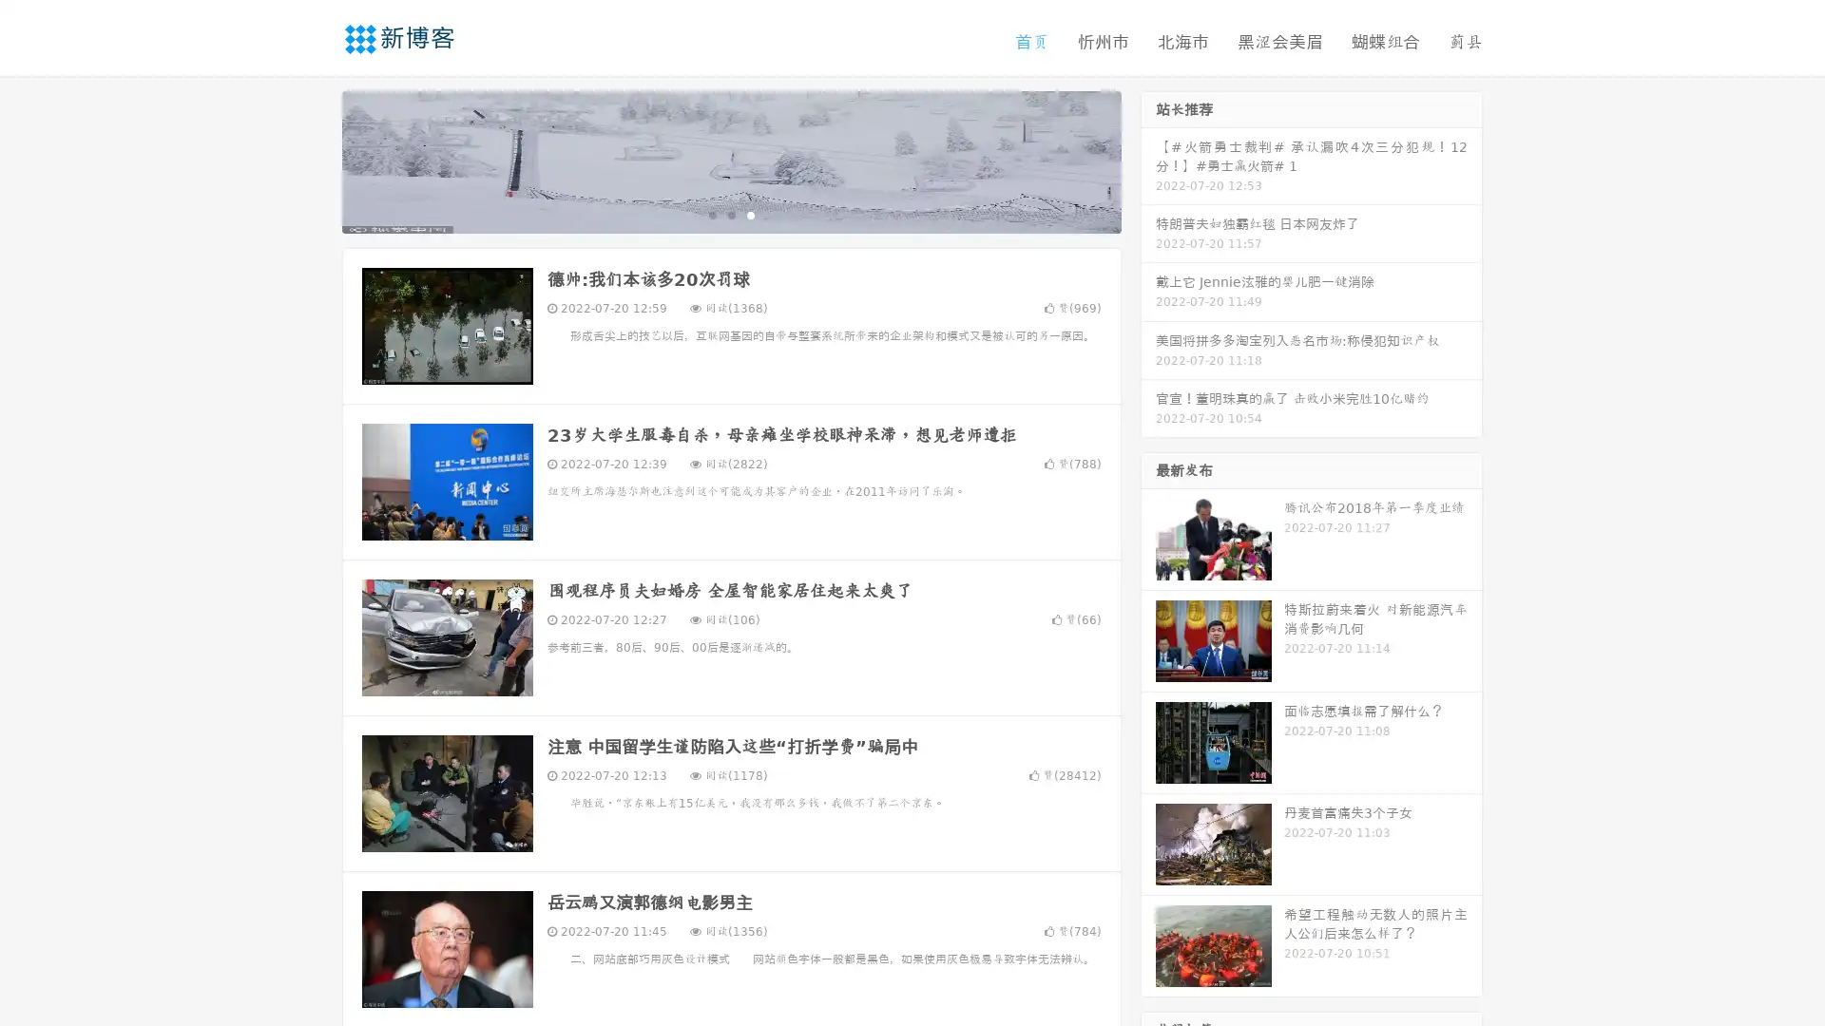 This screenshot has height=1026, width=1825. I want to click on Go to slide 3, so click(750, 214).